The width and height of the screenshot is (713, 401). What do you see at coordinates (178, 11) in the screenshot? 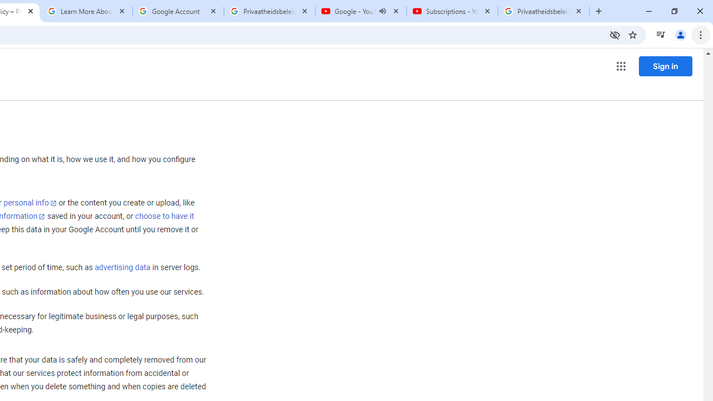
I see `'Google Account'` at bounding box center [178, 11].